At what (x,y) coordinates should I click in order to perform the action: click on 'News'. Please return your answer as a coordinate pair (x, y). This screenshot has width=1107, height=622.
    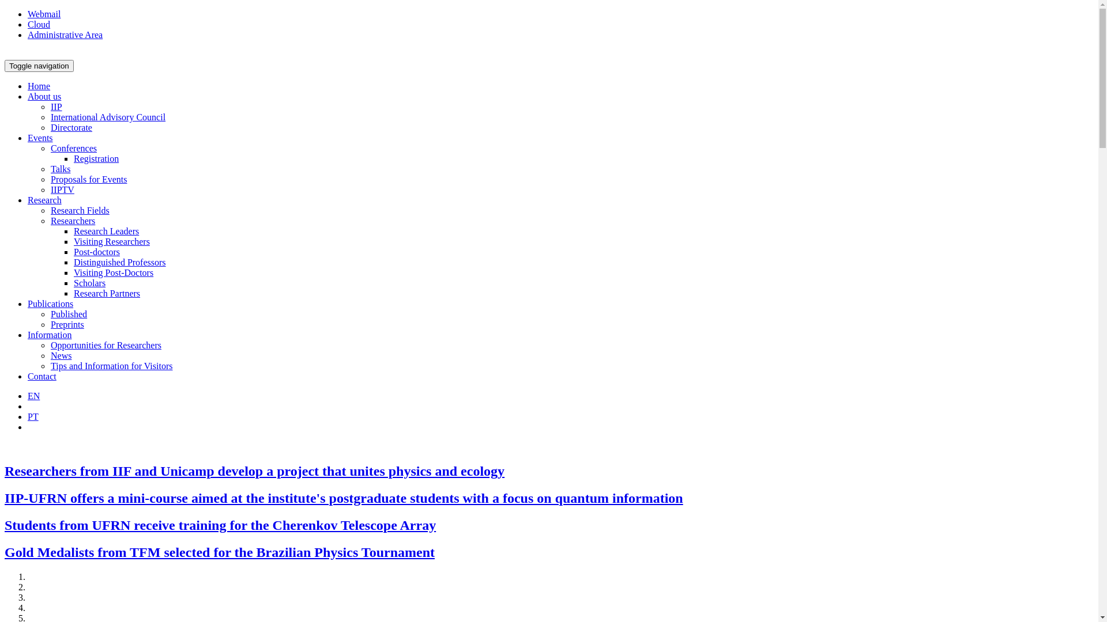
    Looking at the image, I should click on (60, 355).